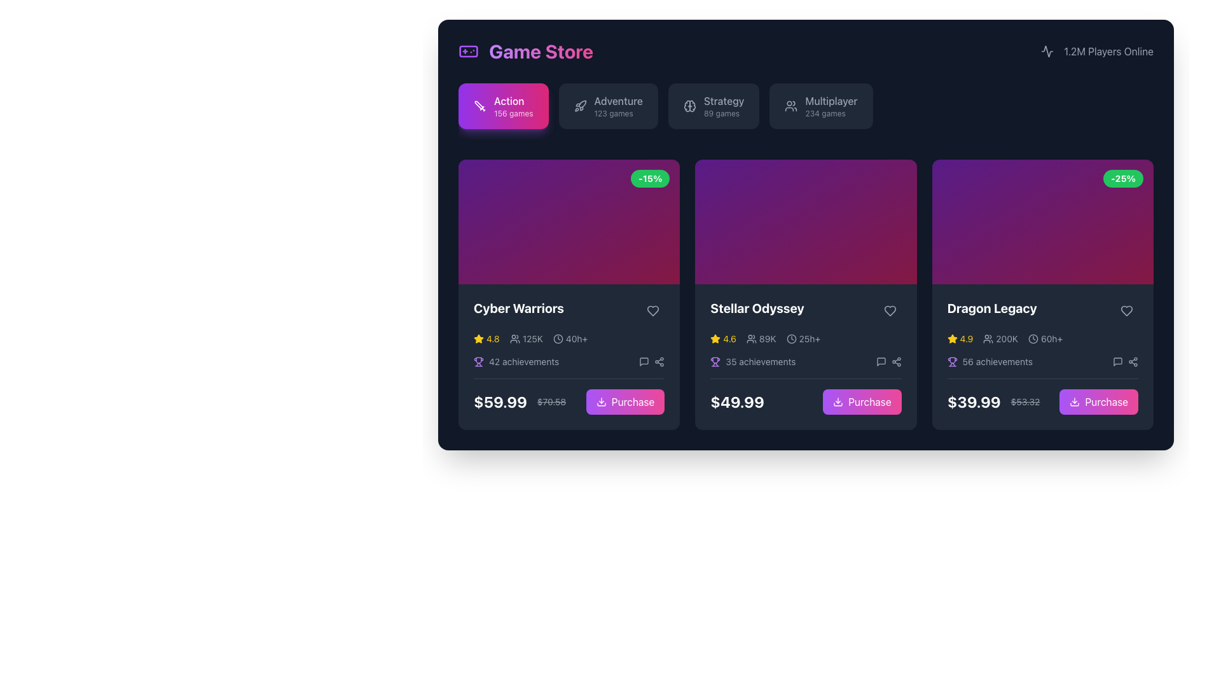 Image resolution: width=1221 pixels, height=687 pixels. I want to click on the favorite button located in the upper-right corner of the 'Dragon Legacy' card to mark the game as a favorite, so click(1126, 310).